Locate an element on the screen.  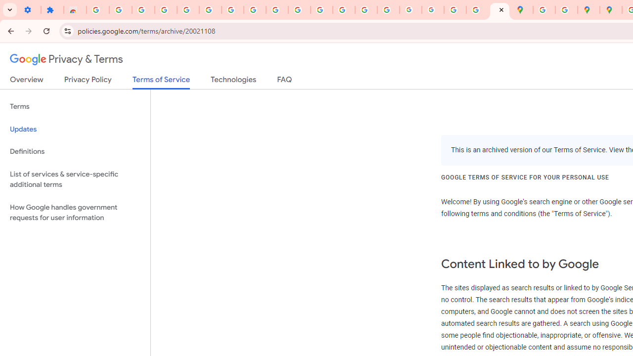
'Updates' is located at coordinates (75, 129).